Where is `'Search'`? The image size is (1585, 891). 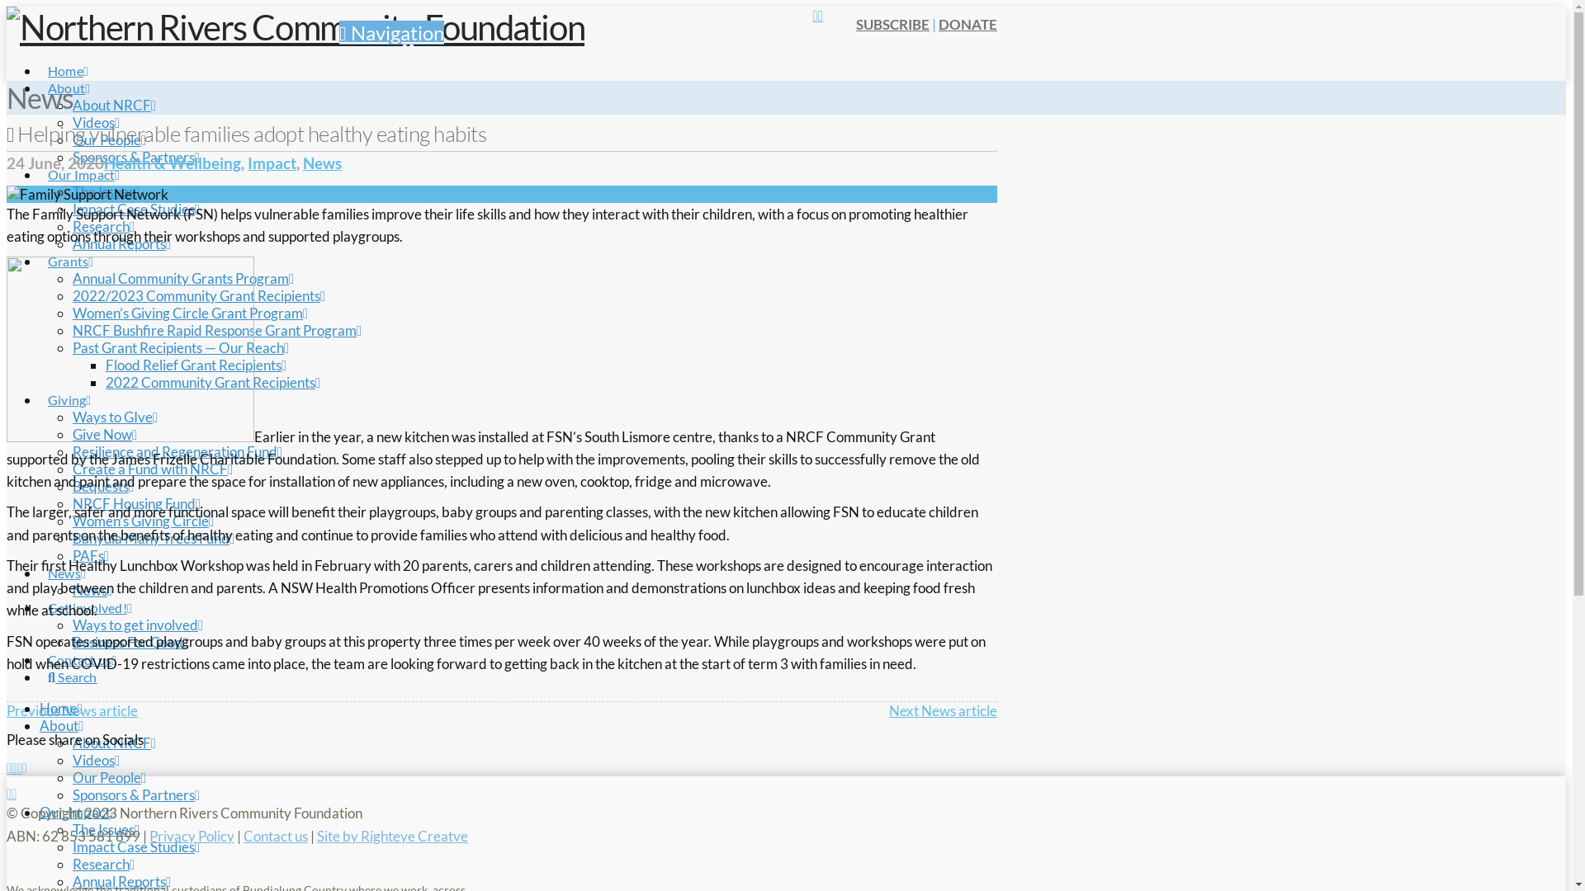
'Search' is located at coordinates (40, 661).